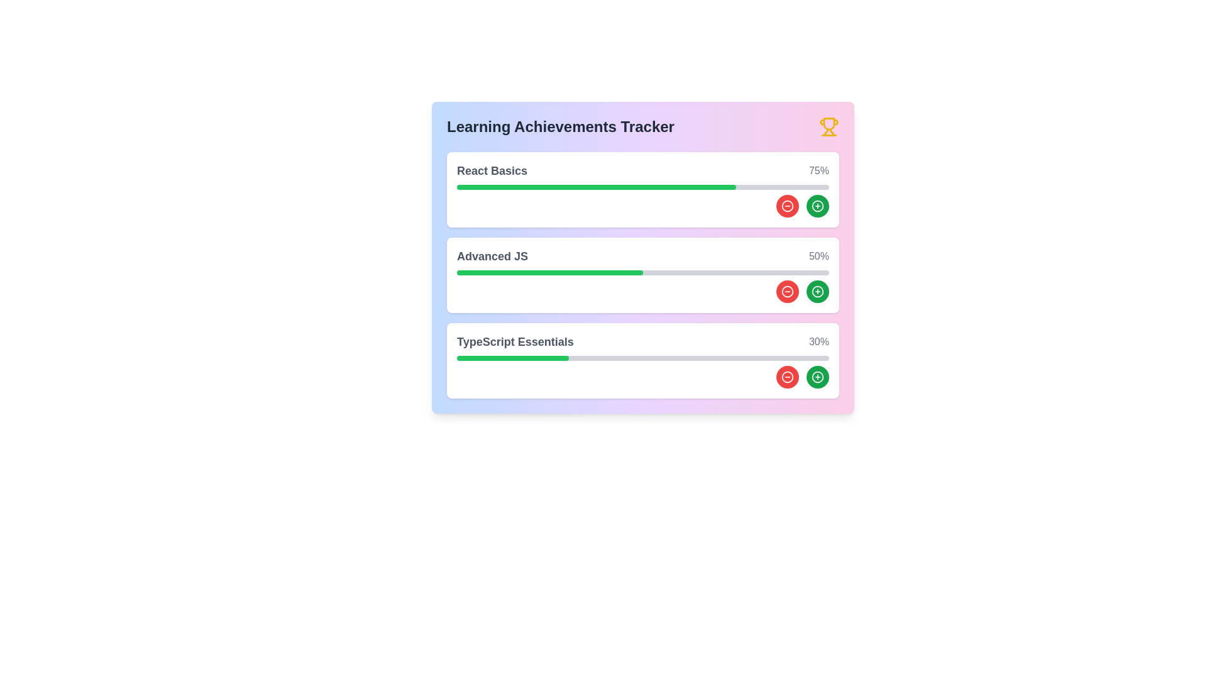  I want to click on the Label element displaying '75%' in gray font, located near the right edge of the 'React Basics' section, so click(818, 171).